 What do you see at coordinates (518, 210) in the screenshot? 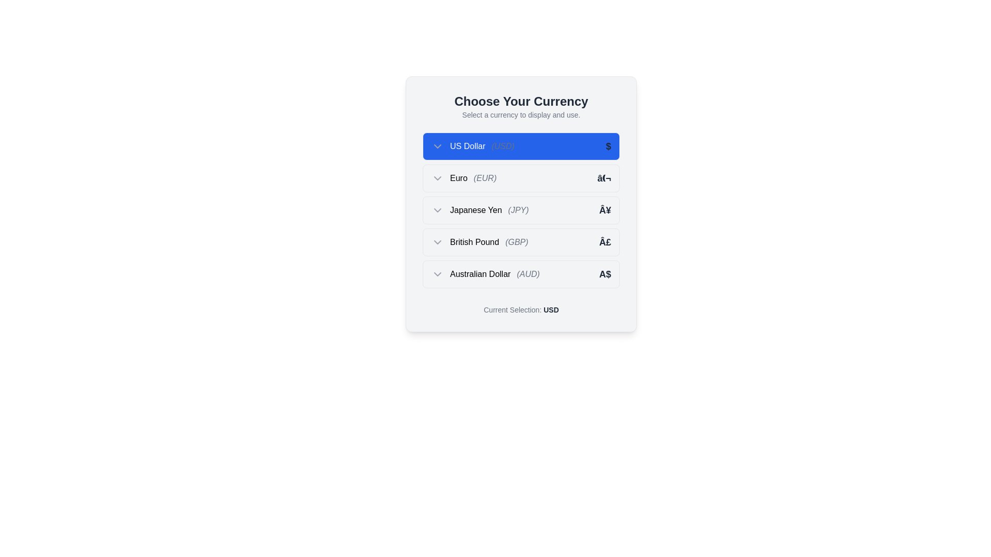
I see `the static text element displaying '(JPY)', which is styled in italic and light gray, located to the right of 'Japanese Yen' in the dropdown menu` at bounding box center [518, 210].